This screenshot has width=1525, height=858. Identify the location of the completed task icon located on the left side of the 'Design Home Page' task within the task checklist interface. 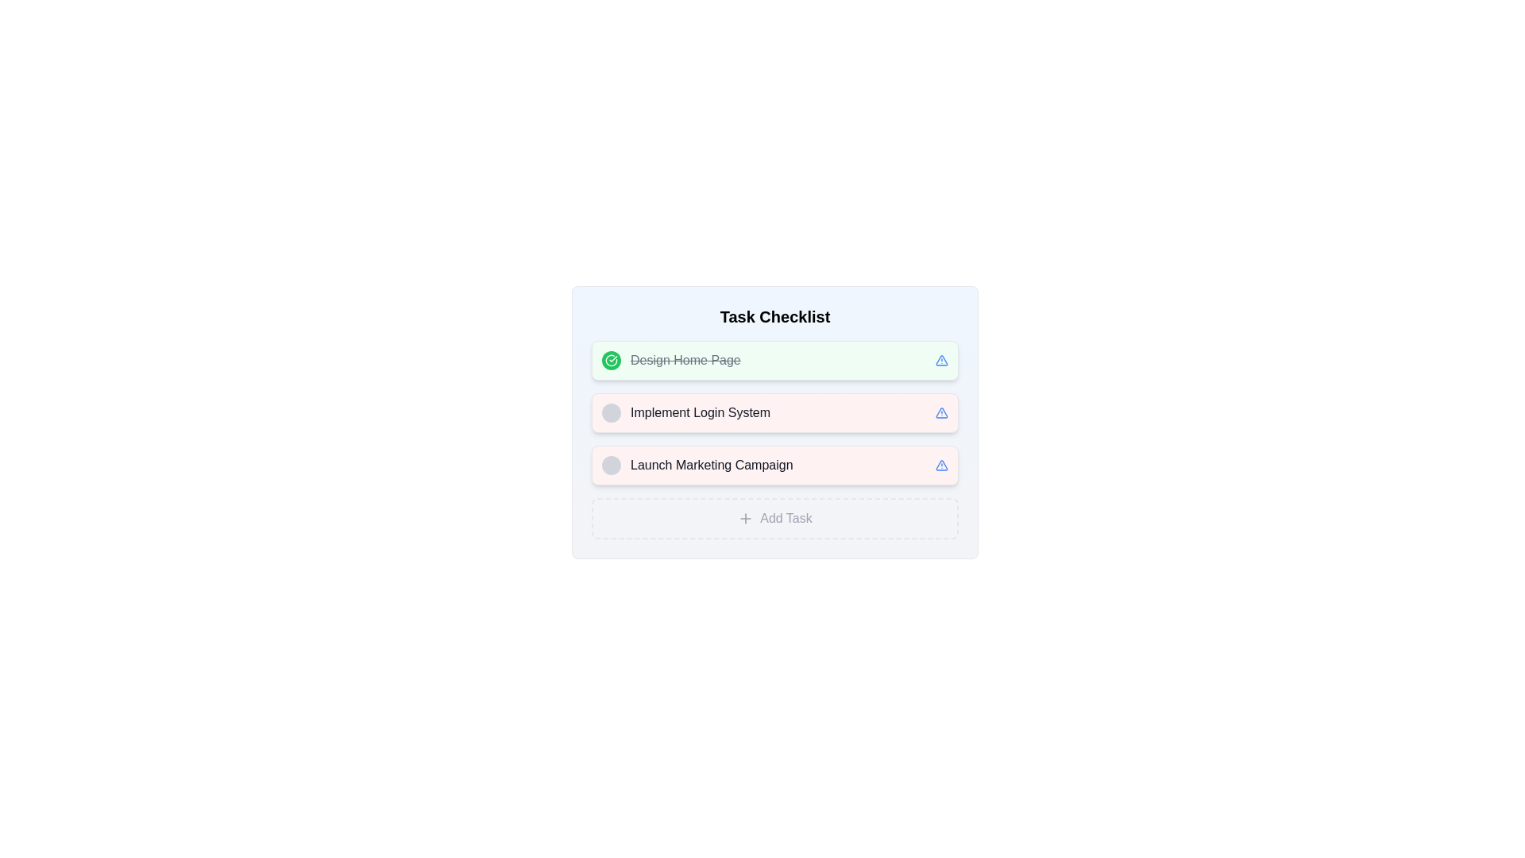
(610, 361).